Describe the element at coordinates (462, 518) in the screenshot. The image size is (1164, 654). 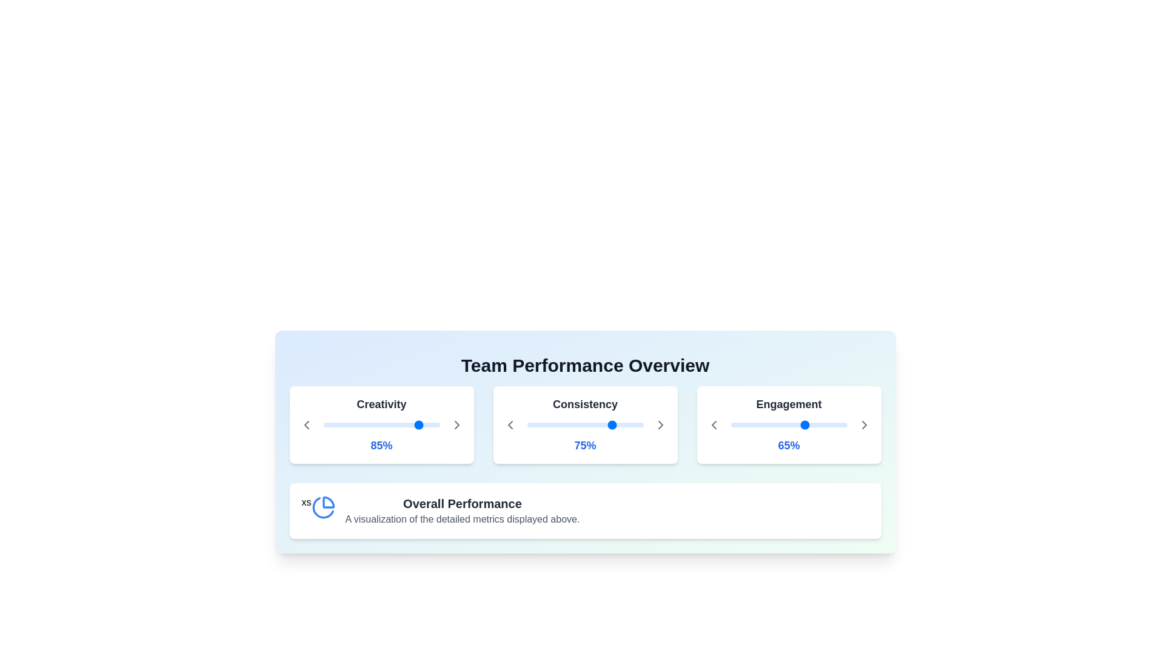
I see `the Textual Label located underneath the 'Overall Performance' heading in the summary section of the UI` at that location.